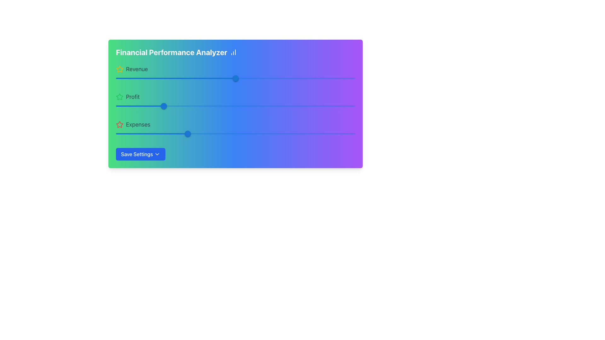  What do you see at coordinates (289, 105) in the screenshot?
I see `the profit slider` at bounding box center [289, 105].